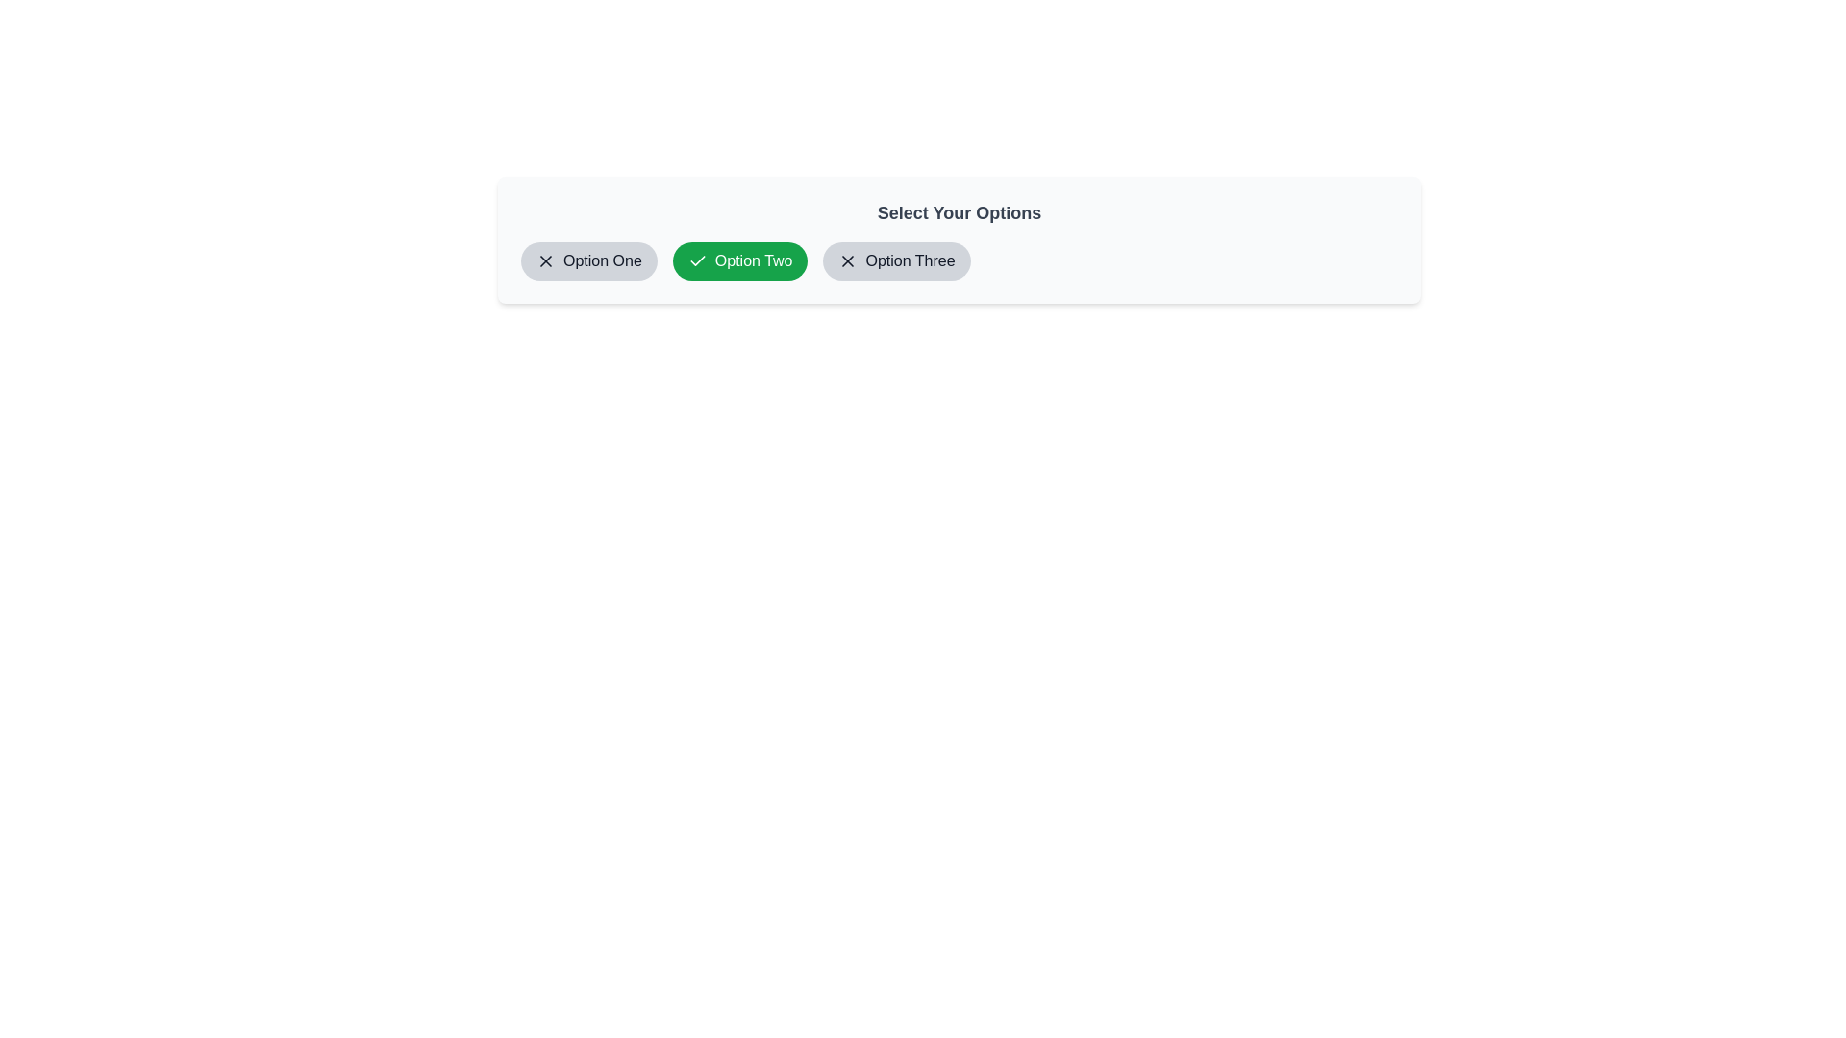  I want to click on the option Option One by clicking its corresponding button, so click(586, 261).